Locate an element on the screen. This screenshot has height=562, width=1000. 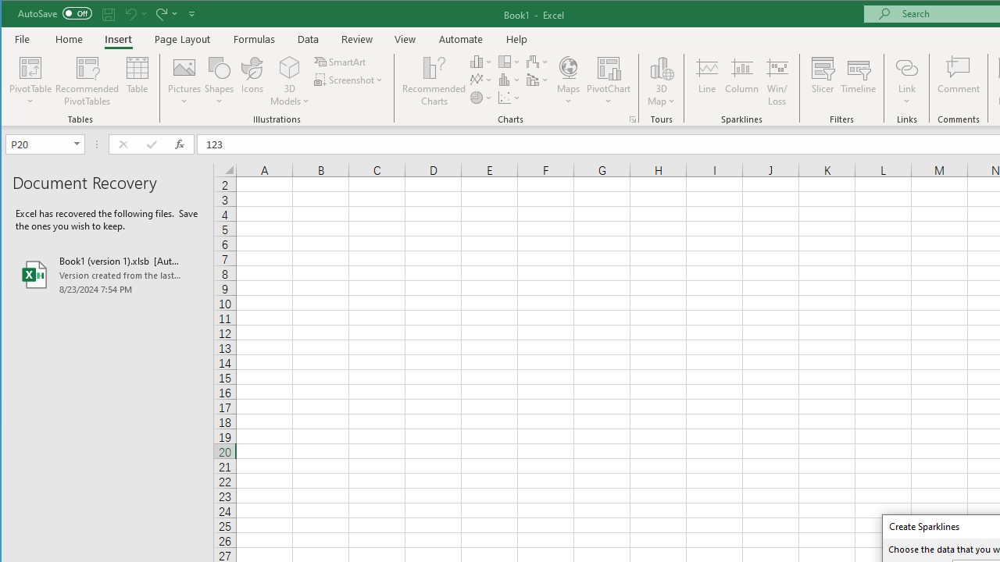
'Insert Hierarchy Chart' is located at coordinates (509, 61).